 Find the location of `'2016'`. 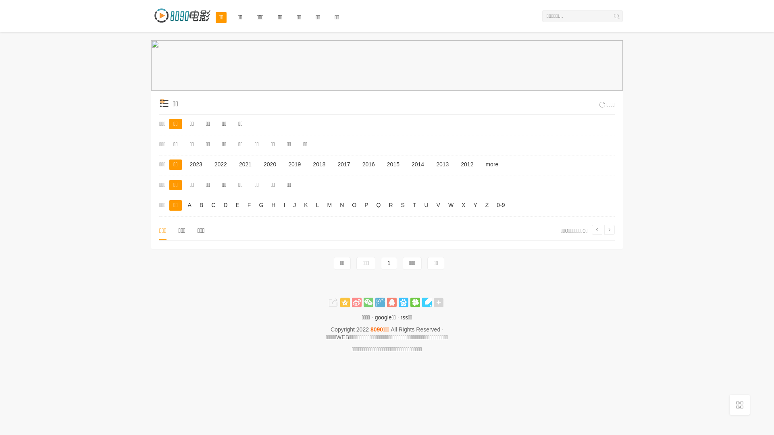

'2016' is located at coordinates (368, 164).